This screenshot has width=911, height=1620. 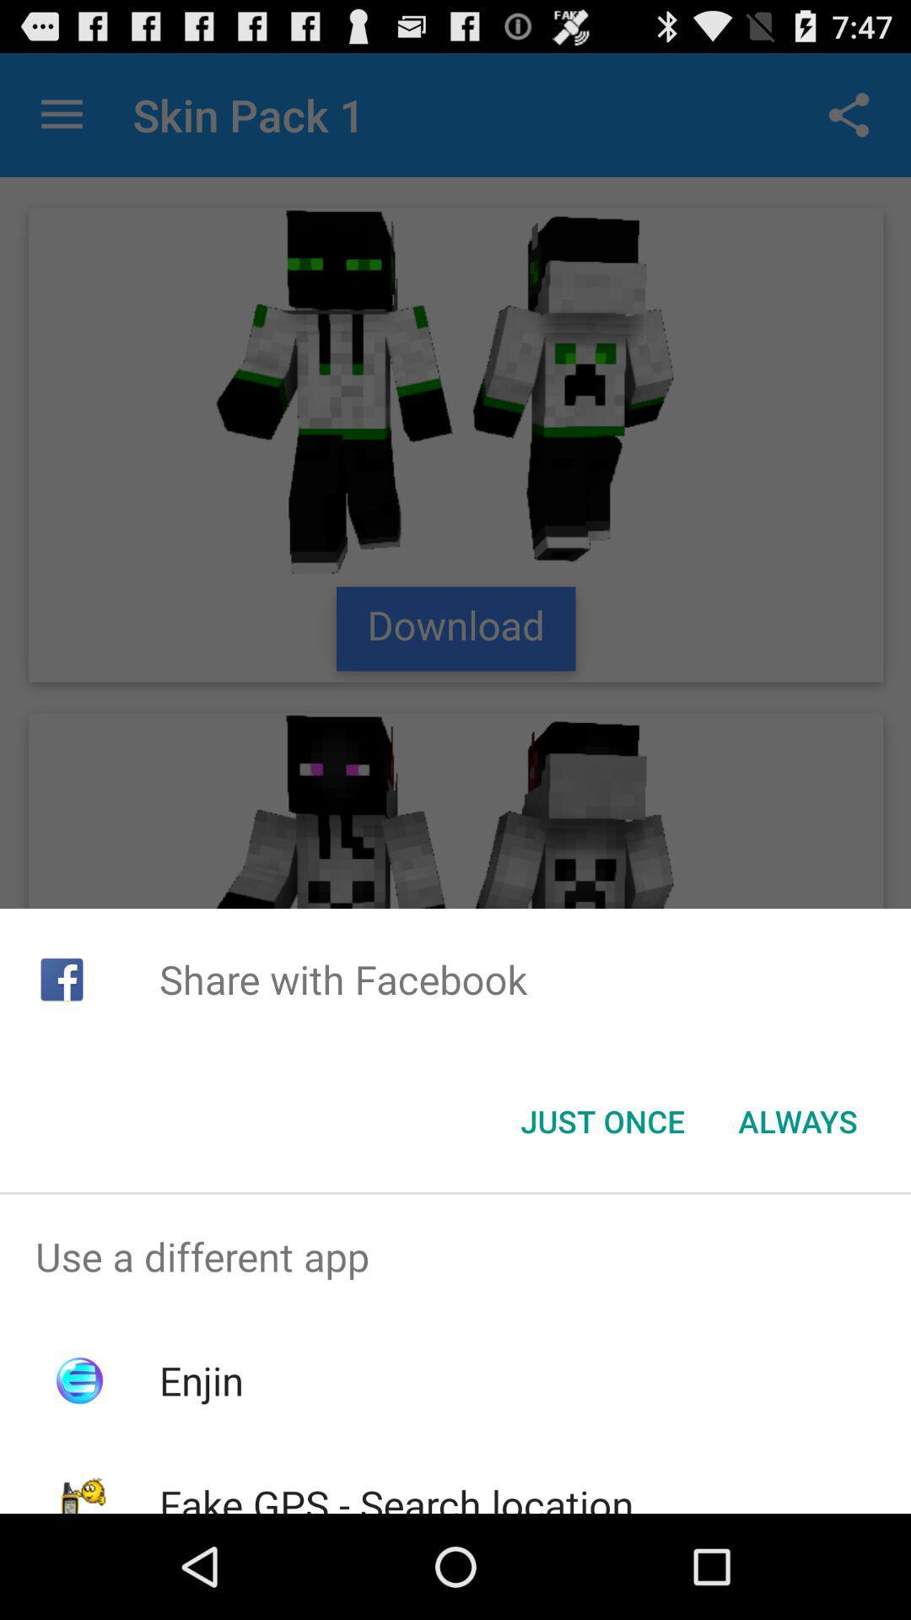 What do you see at coordinates (200, 1380) in the screenshot?
I see `item below use a different icon` at bounding box center [200, 1380].